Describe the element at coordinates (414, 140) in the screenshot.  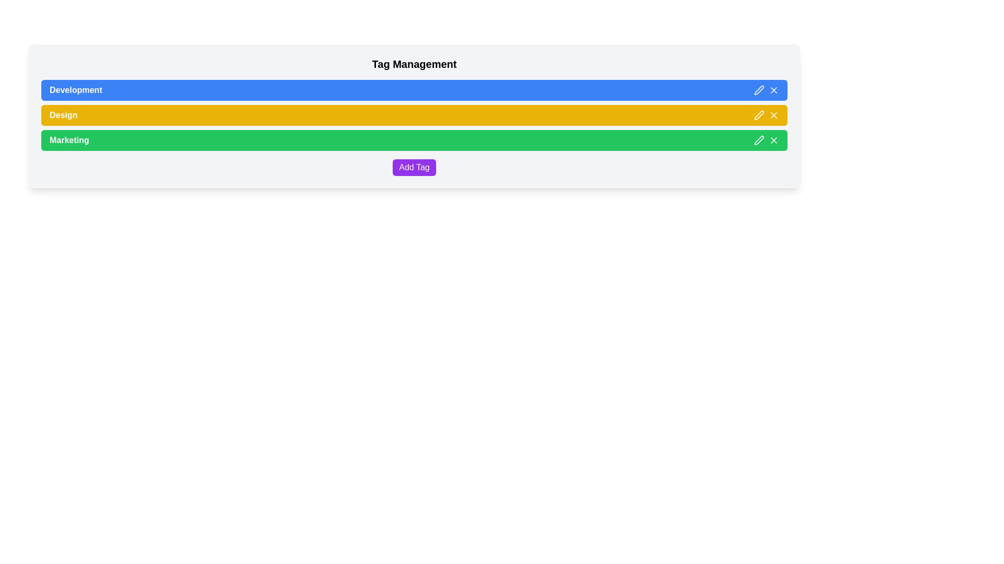
I see `the 'Marketing' button, which is the third button in a vertical list located below the 'Design' button and above the 'Add Tag' button` at that location.